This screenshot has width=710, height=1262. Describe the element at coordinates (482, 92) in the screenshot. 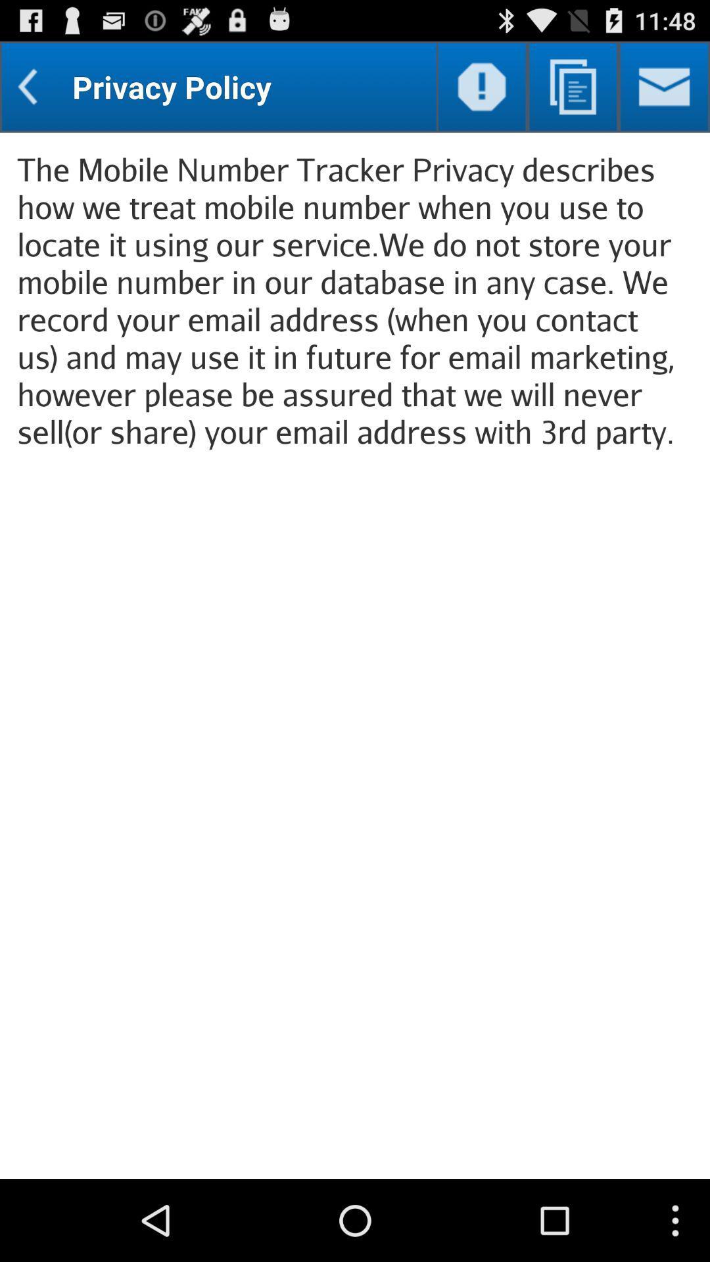

I see `the warning icon` at that location.